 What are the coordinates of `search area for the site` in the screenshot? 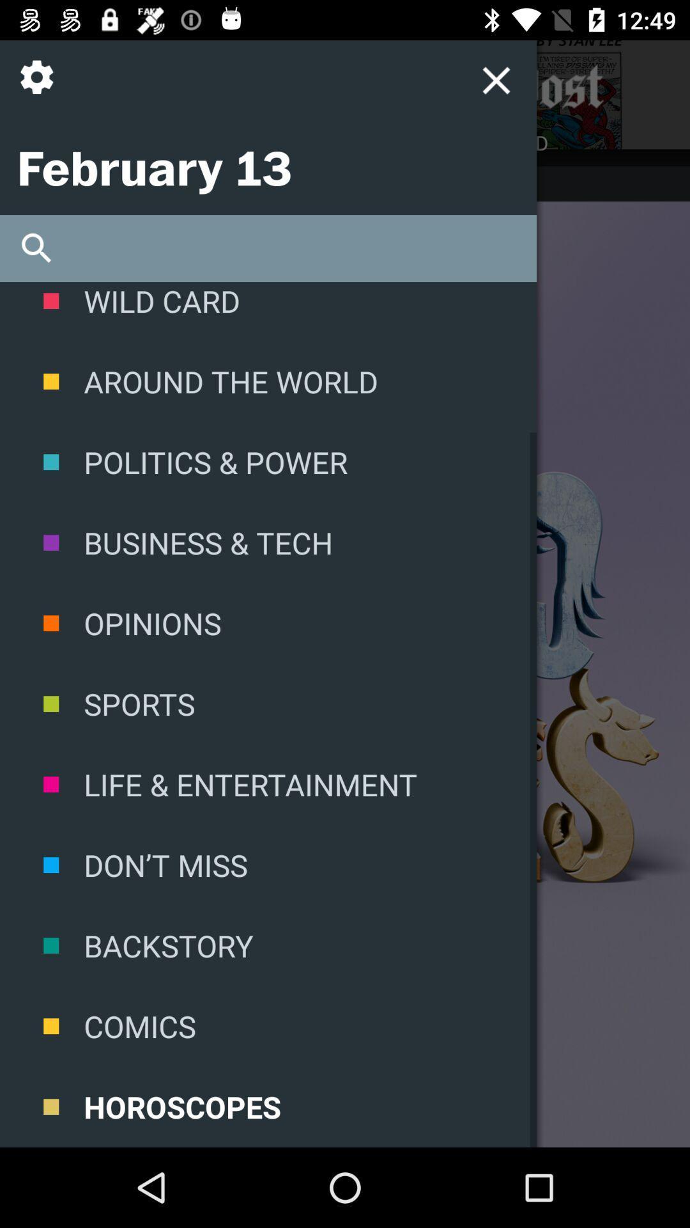 It's located at (268, 248).